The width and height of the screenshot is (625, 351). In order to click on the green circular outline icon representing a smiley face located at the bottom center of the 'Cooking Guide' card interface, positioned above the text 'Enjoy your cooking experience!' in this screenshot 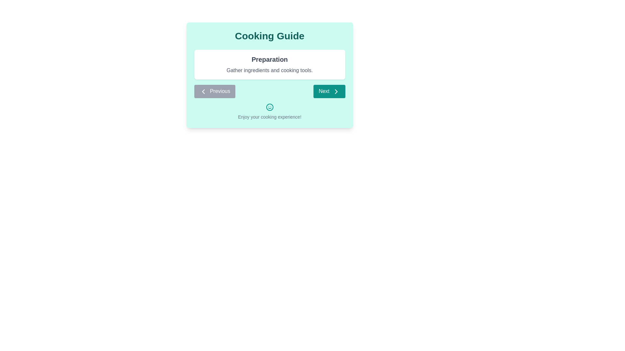, I will do `click(270, 107)`.